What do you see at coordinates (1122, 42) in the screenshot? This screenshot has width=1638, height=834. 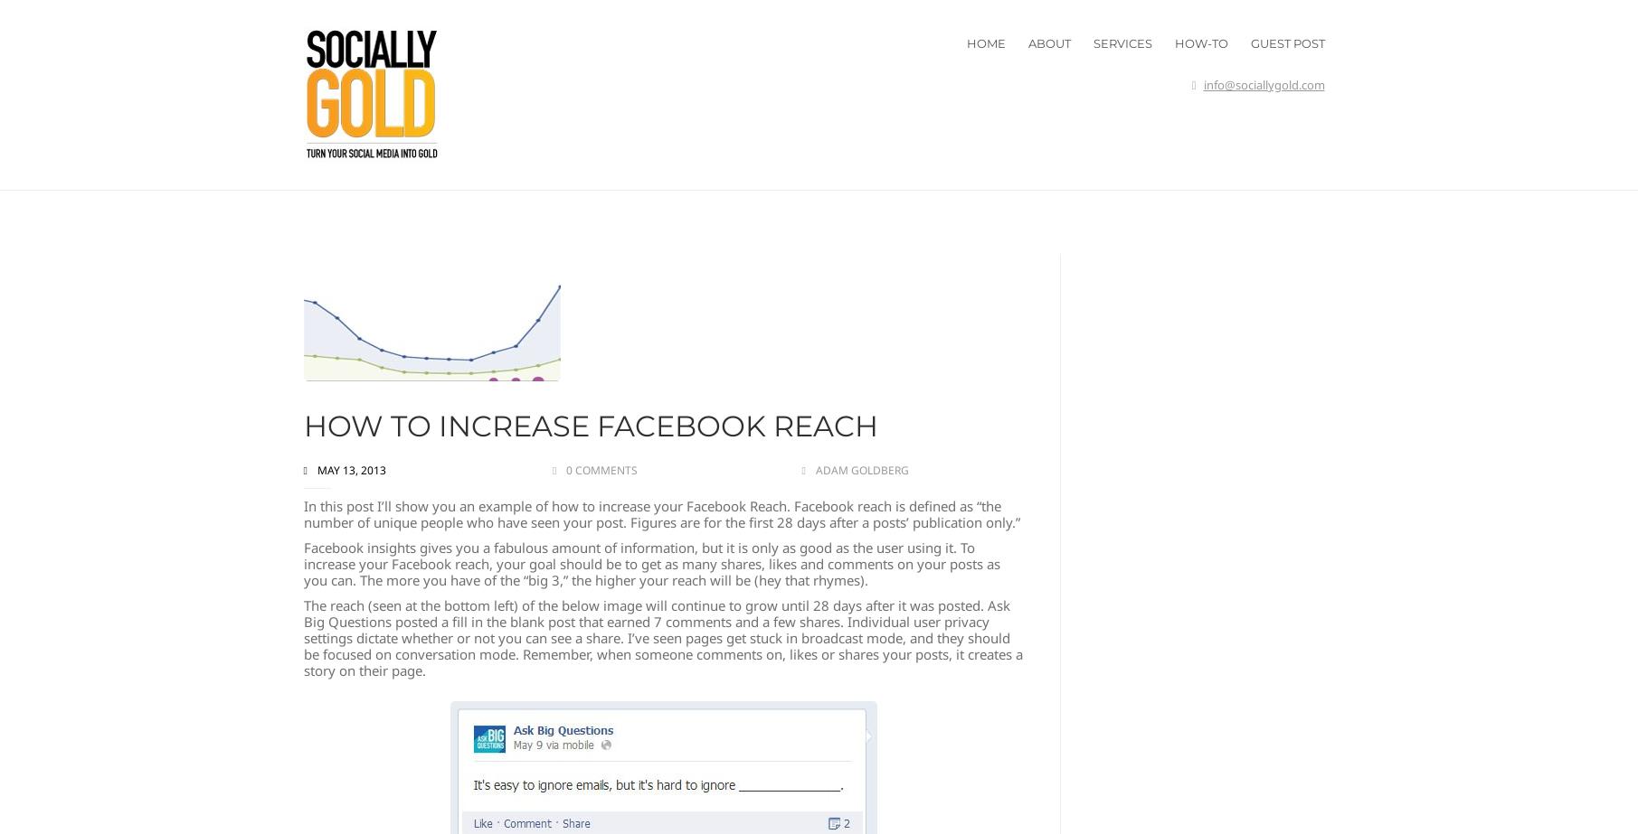 I see `'SERVICES'` at bounding box center [1122, 42].